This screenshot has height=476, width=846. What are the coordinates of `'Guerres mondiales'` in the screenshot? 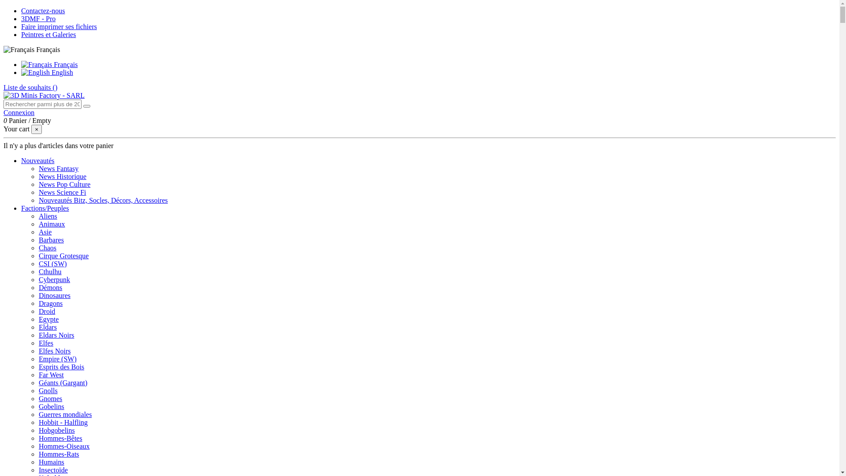 It's located at (65, 414).